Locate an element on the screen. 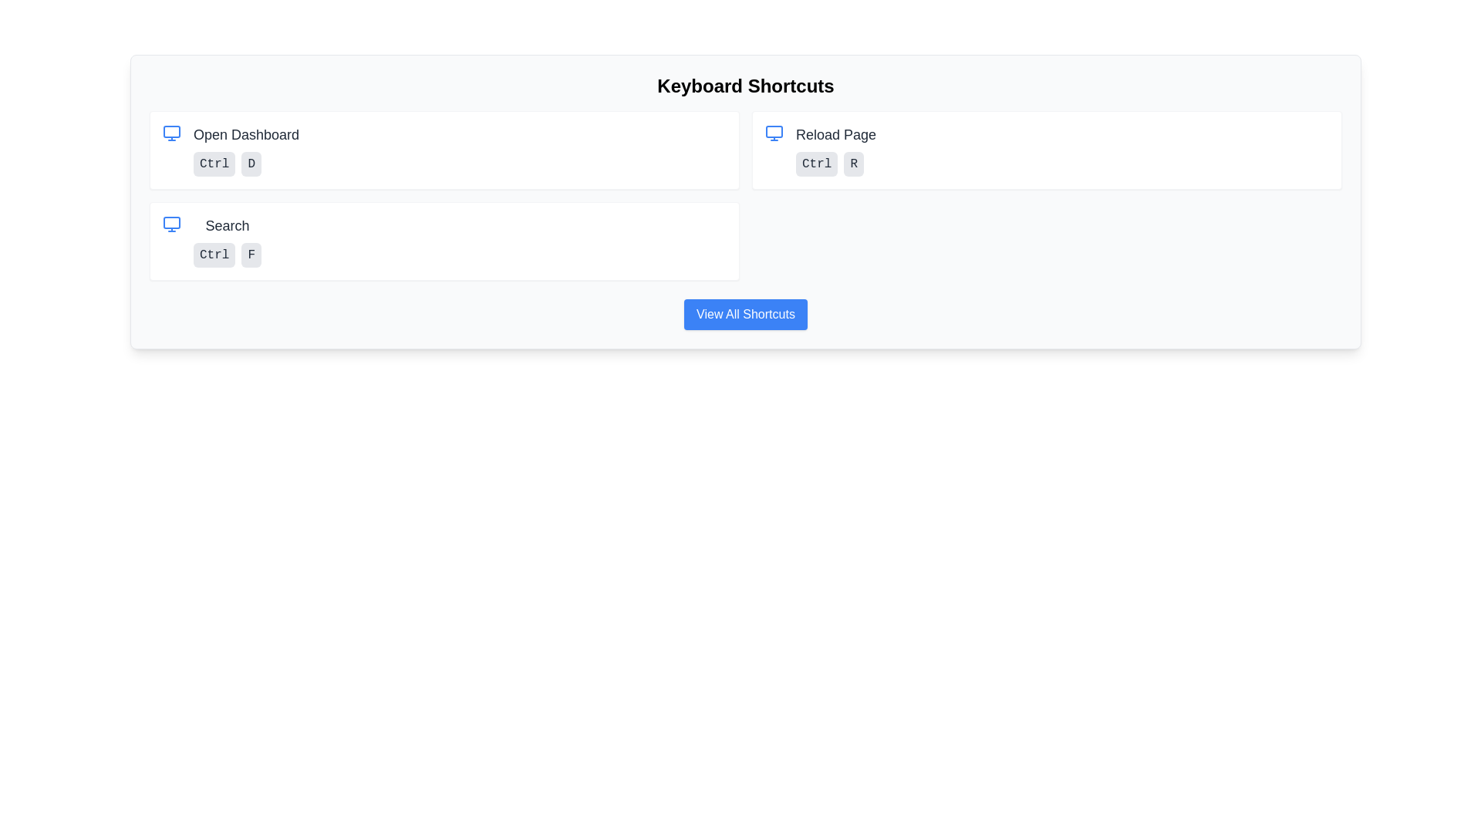  the 'View All Shortcuts' button, which is a rectangular button with rounded corners and a blue background located at the bottom of the 'Keyboard Shortcuts' section is located at coordinates (745, 314).